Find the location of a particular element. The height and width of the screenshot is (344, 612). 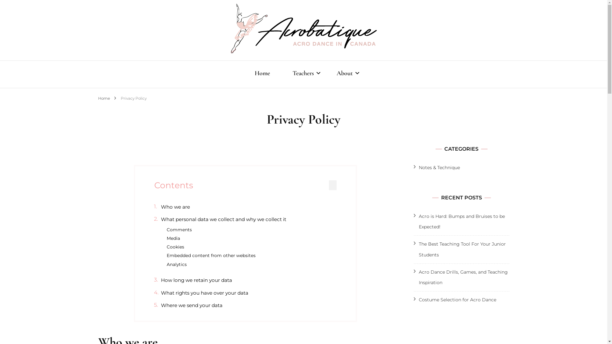

'Media' is located at coordinates (173, 238).